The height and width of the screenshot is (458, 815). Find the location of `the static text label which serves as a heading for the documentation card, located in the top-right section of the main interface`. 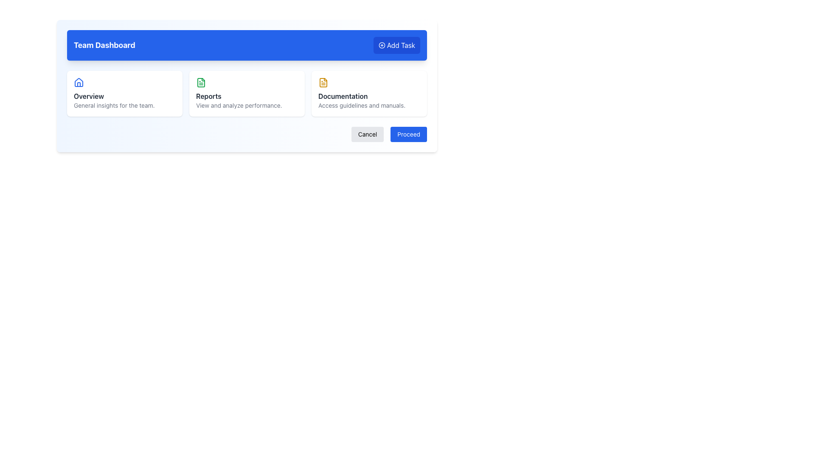

the static text label which serves as a heading for the documentation card, located in the top-right section of the main interface is located at coordinates (343, 96).